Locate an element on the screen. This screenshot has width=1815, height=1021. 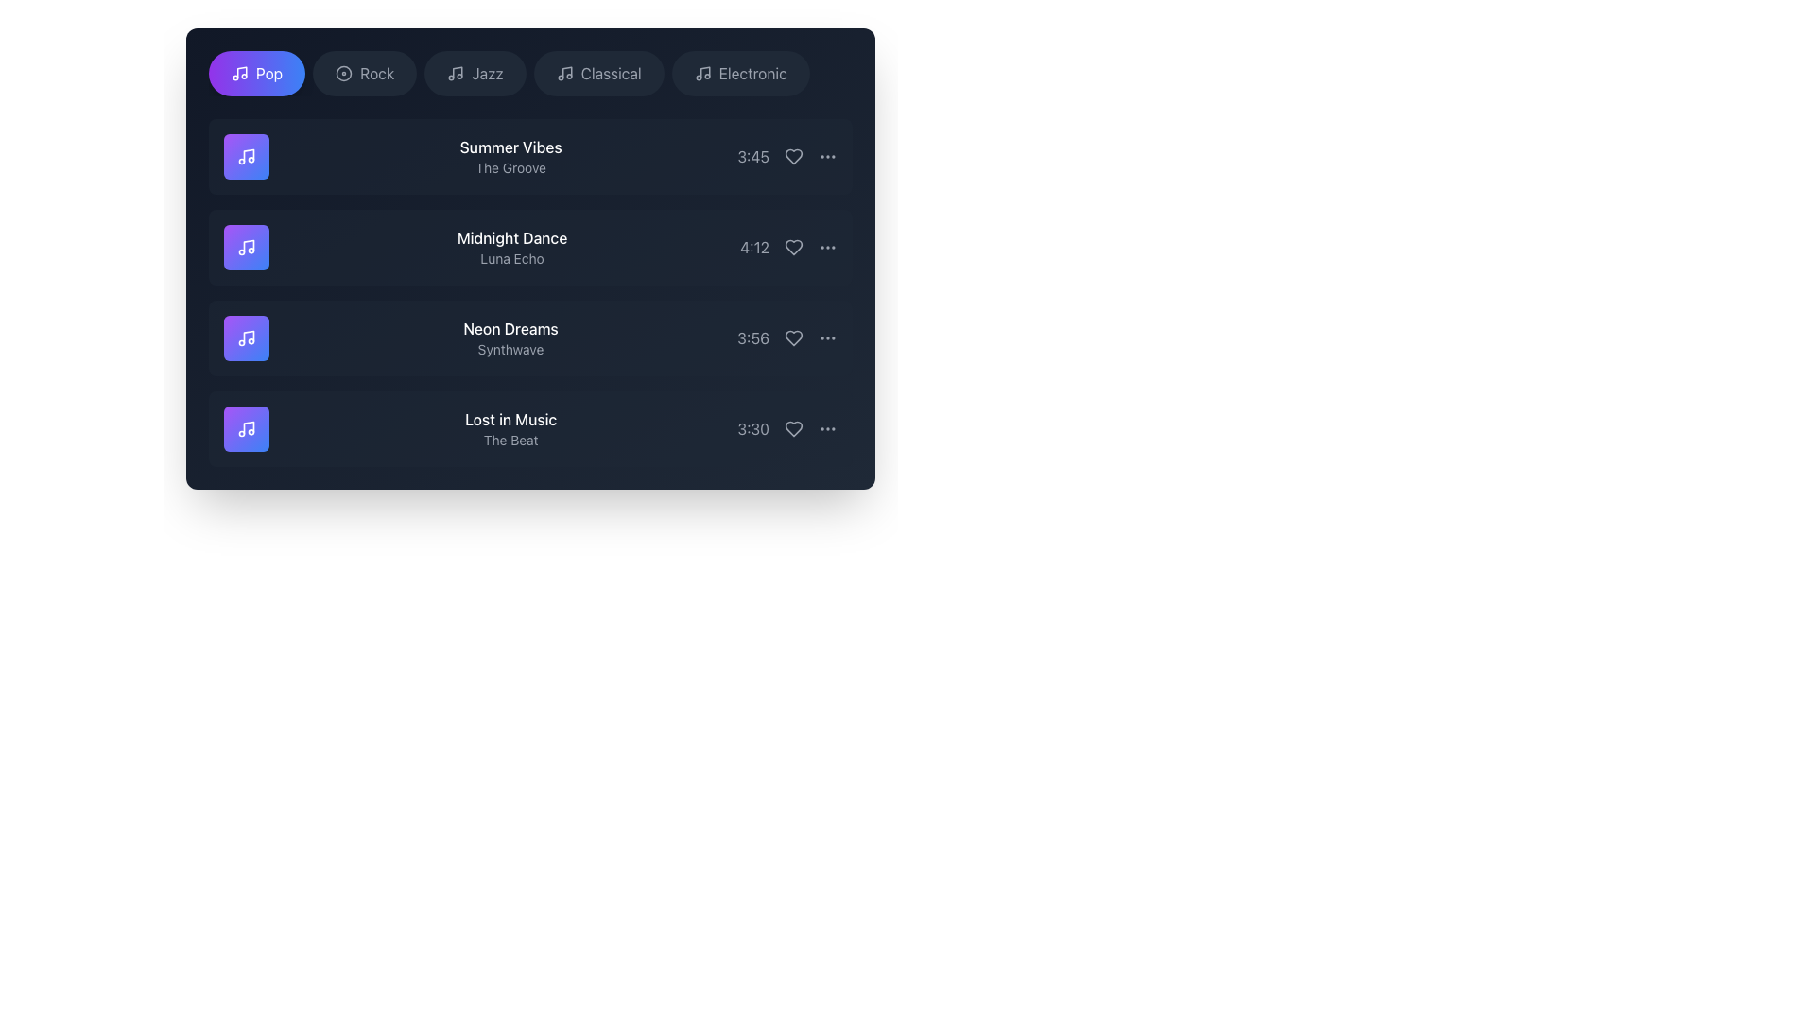
the musical note icon representing the 'Neon Dreams' list item, which features a gradient purple background and detailed strokes, positioned third from the top in the list is located at coordinates (248, 336).